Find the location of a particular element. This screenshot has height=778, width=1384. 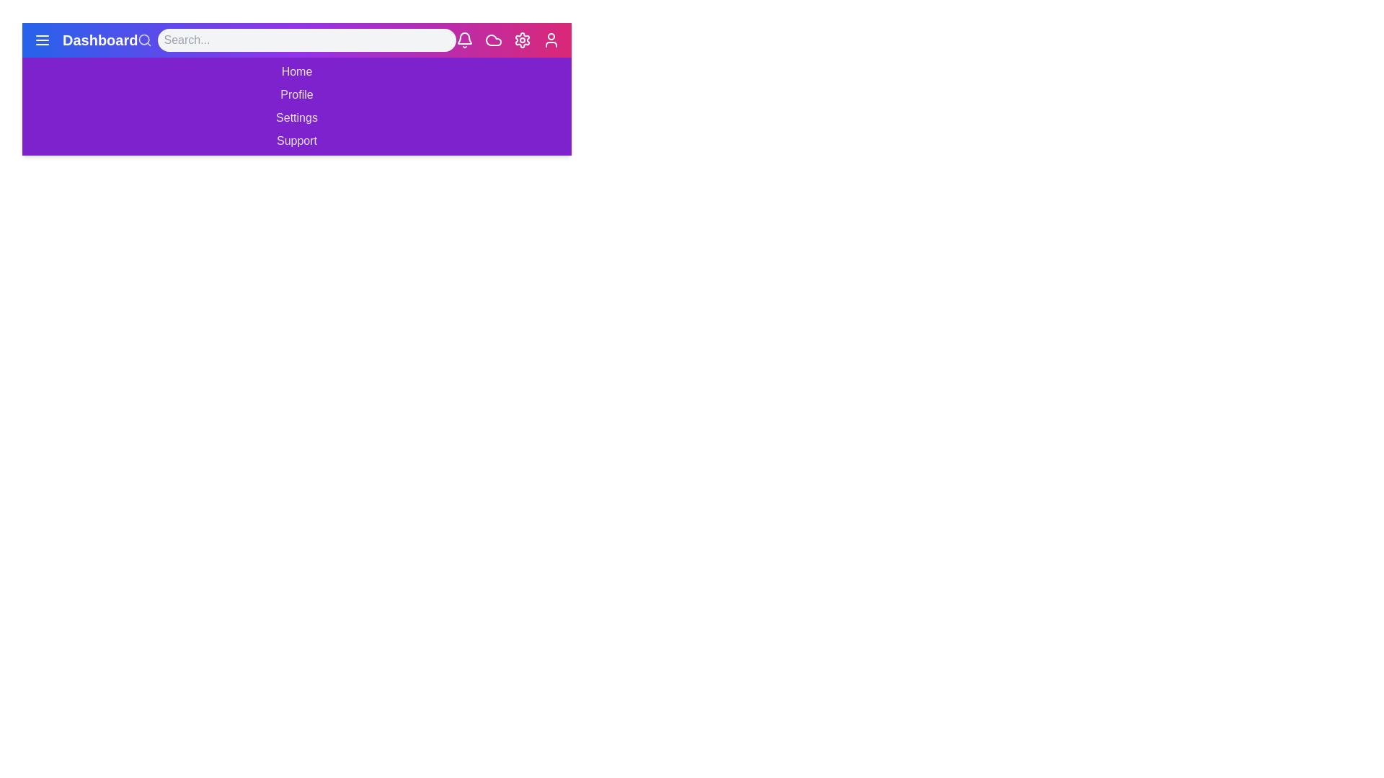

the menu item Profile in the navigation bar is located at coordinates (296, 94).